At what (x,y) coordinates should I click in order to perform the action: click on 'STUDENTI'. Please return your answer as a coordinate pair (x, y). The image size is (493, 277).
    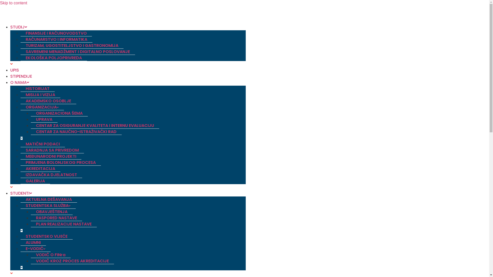
    Looking at the image, I should click on (21, 193).